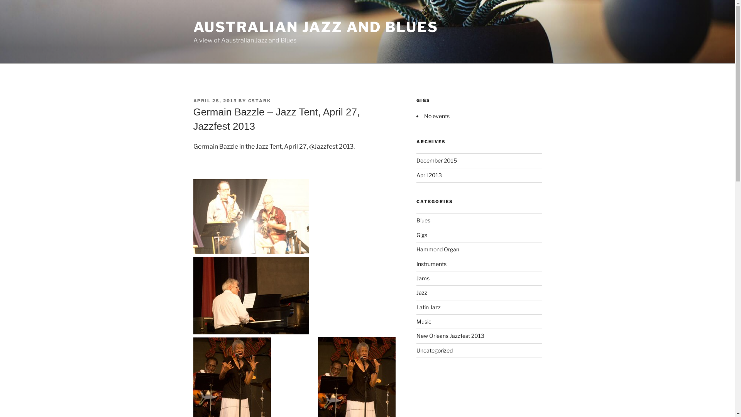 The height and width of the screenshot is (417, 741). What do you see at coordinates (259, 100) in the screenshot?
I see `'GSTARK'` at bounding box center [259, 100].